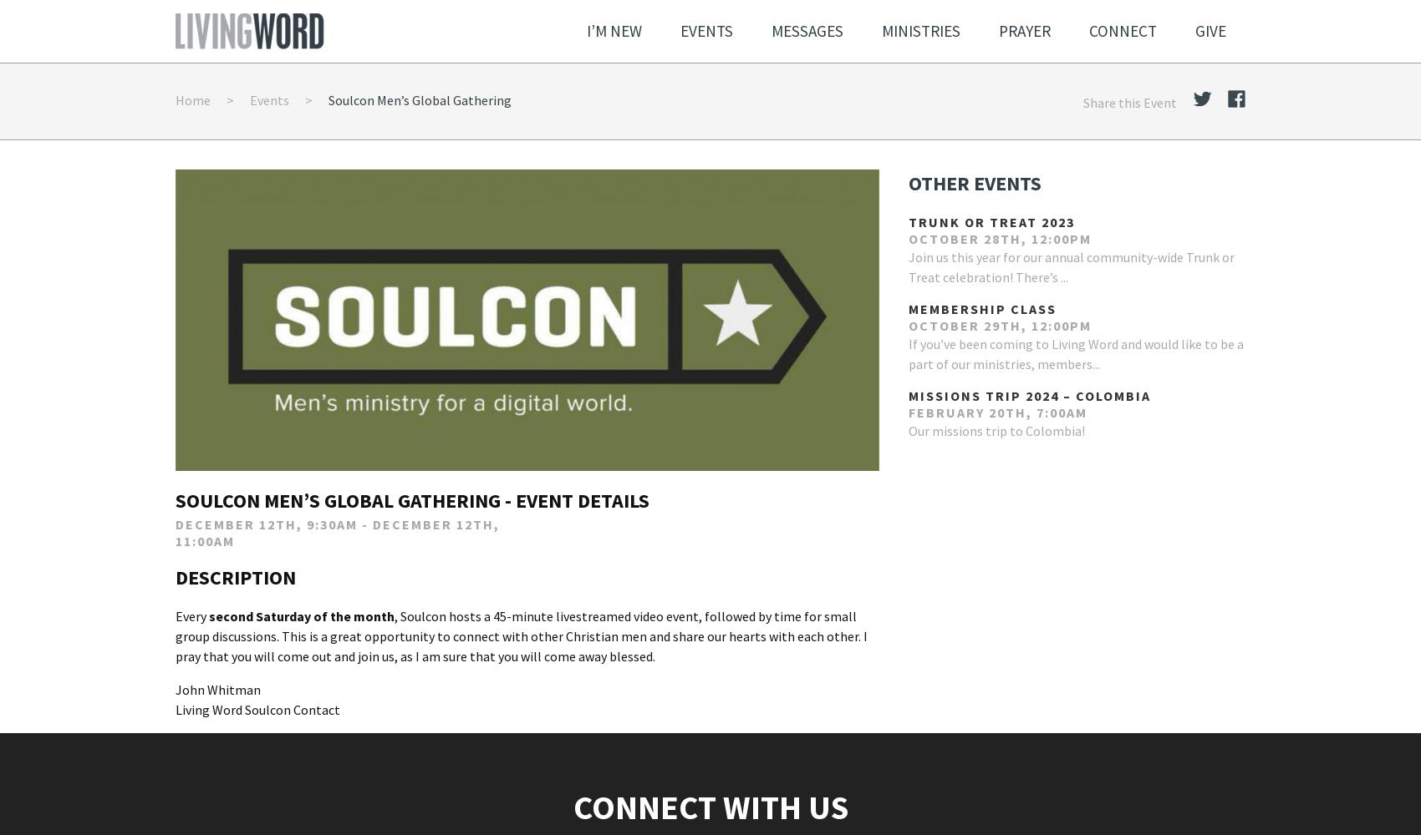 This screenshot has height=835, width=1421. Describe the element at coordinates (236, 575) in the screenshot. I see `'Description'` at that location.